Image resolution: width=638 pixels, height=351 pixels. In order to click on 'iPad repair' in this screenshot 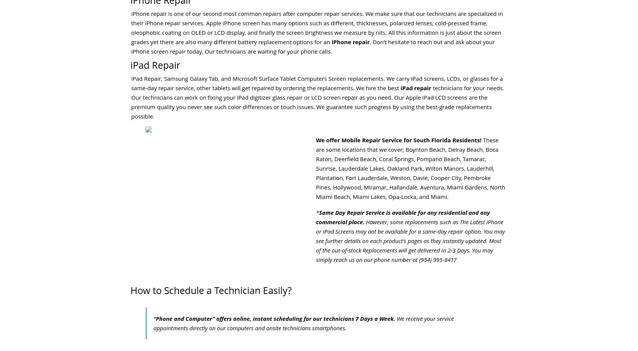, I will do `click(400, 87)`.